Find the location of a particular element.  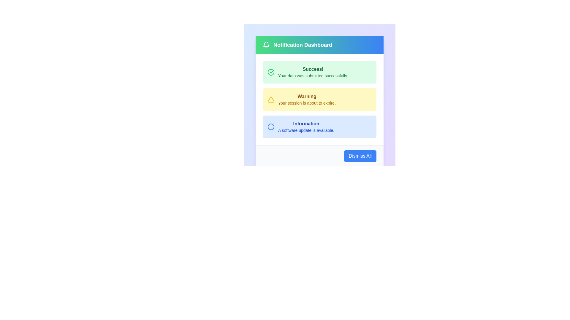

the Text Label that alerts users about session expiration, which is the second item in the notification list and is centered within a rounded yellowish notification module is located at coordinates (307, 99).